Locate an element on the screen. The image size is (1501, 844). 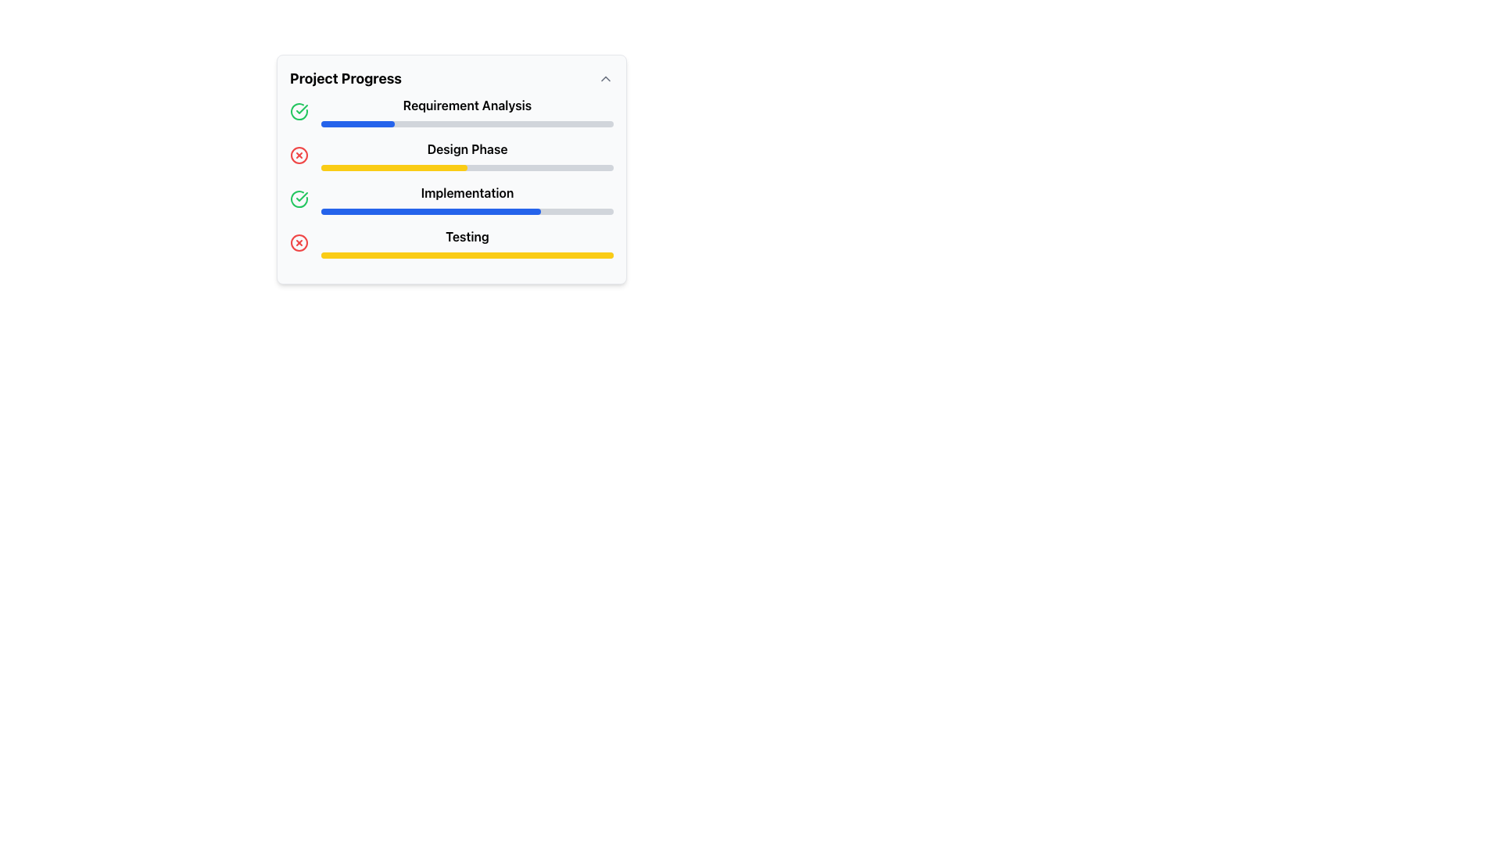
the progress bar representing the completion status of the 'Requirement Analysis' phase, which is positioned under the label 'Requirement Analysis' and is the first in the list of progress items is located at coordinates (467, 123).